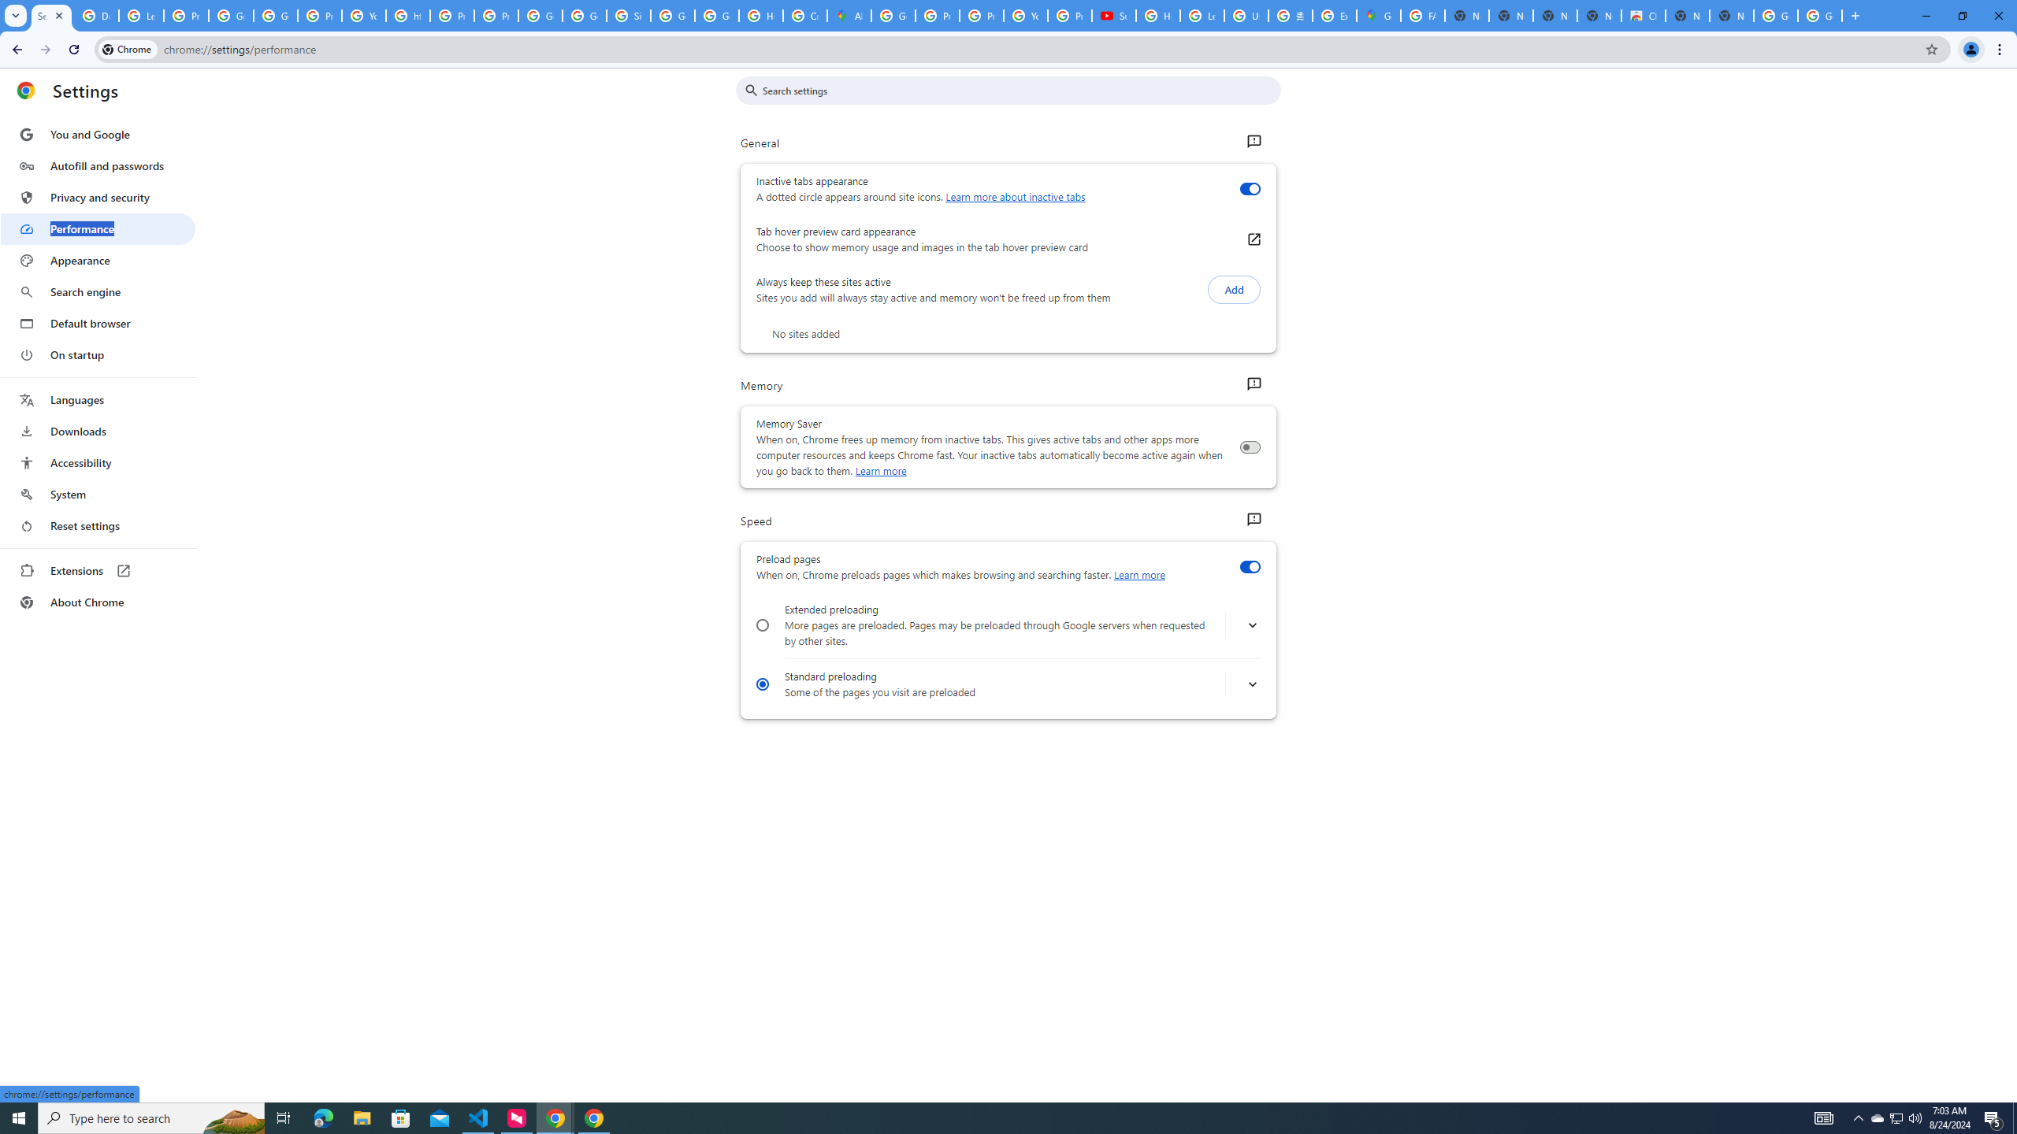 The height and width of the screenshot is (1134, 2017). I want to click on 'About Chrome', so click(97, 601).